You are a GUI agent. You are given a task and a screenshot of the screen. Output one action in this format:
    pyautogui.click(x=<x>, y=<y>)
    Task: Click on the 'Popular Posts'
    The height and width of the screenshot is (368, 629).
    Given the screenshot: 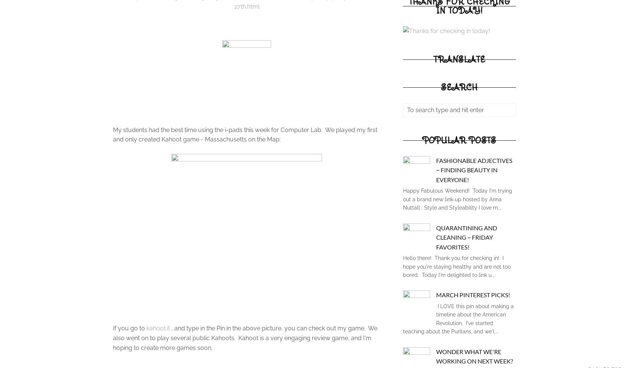 What is the action you would take?
    pyautogui.click(x=459, y=139)
    